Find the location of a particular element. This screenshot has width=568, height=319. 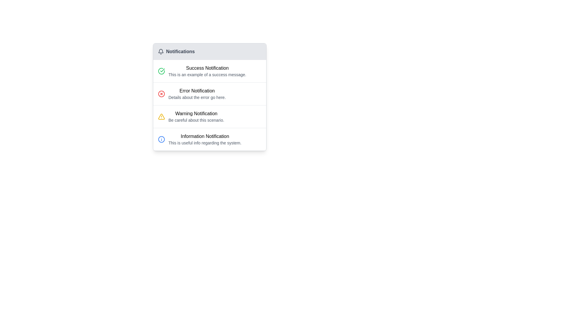

the notification message in the first row of the notification list to possibly highlight or reveal additional information is located at coordinates (207, 71).